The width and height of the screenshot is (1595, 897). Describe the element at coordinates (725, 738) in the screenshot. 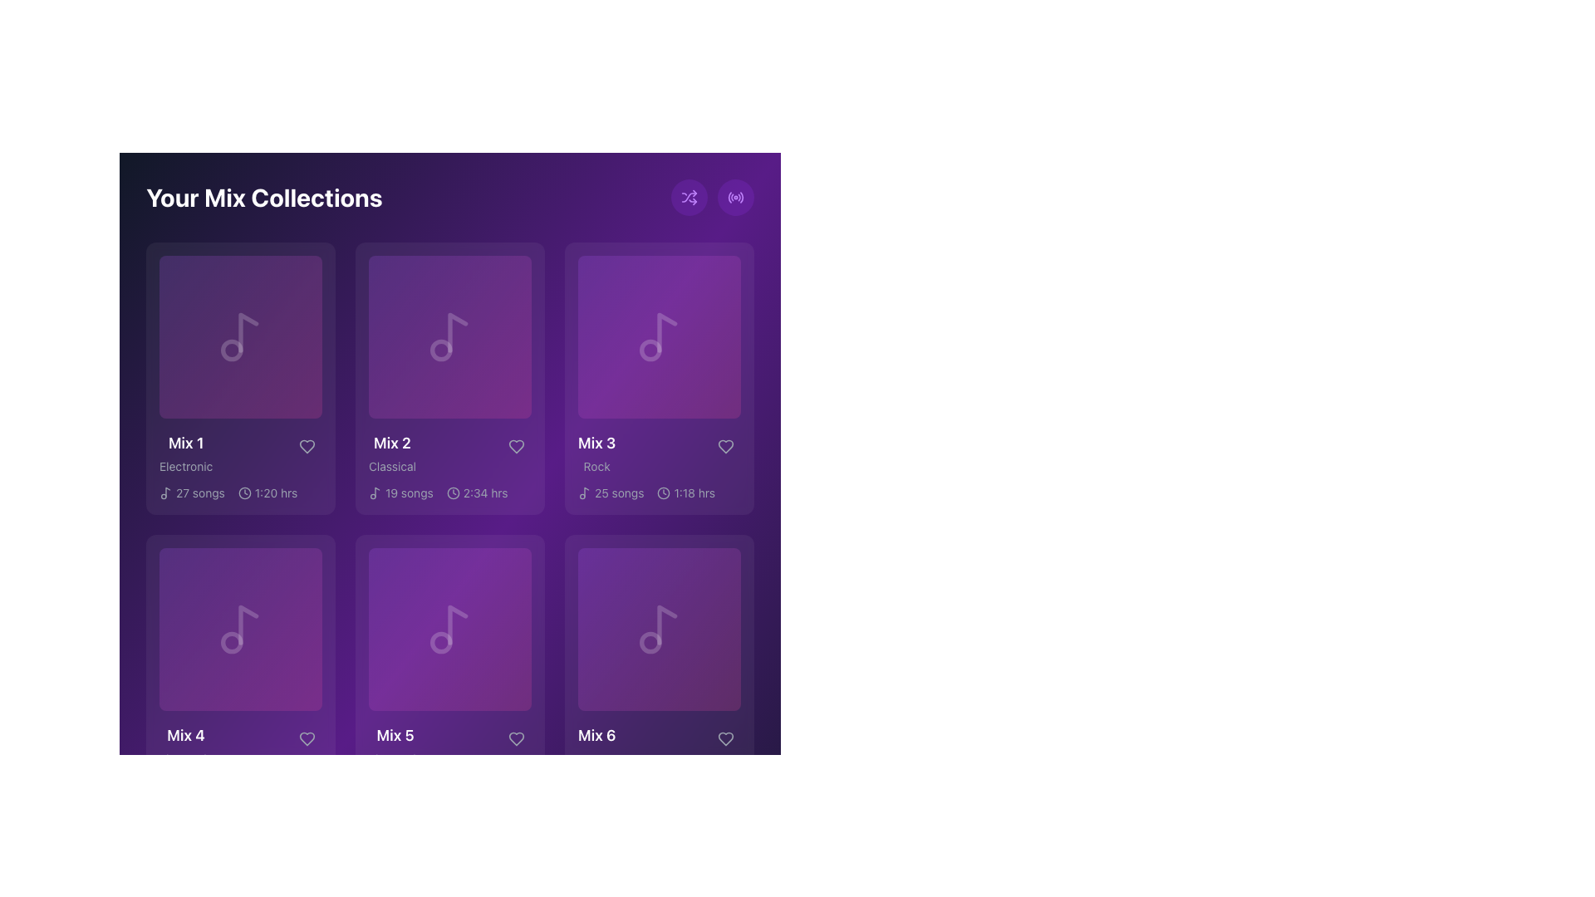

I see `the heart-shaped button icon indicating 'like' functionality` at that location.